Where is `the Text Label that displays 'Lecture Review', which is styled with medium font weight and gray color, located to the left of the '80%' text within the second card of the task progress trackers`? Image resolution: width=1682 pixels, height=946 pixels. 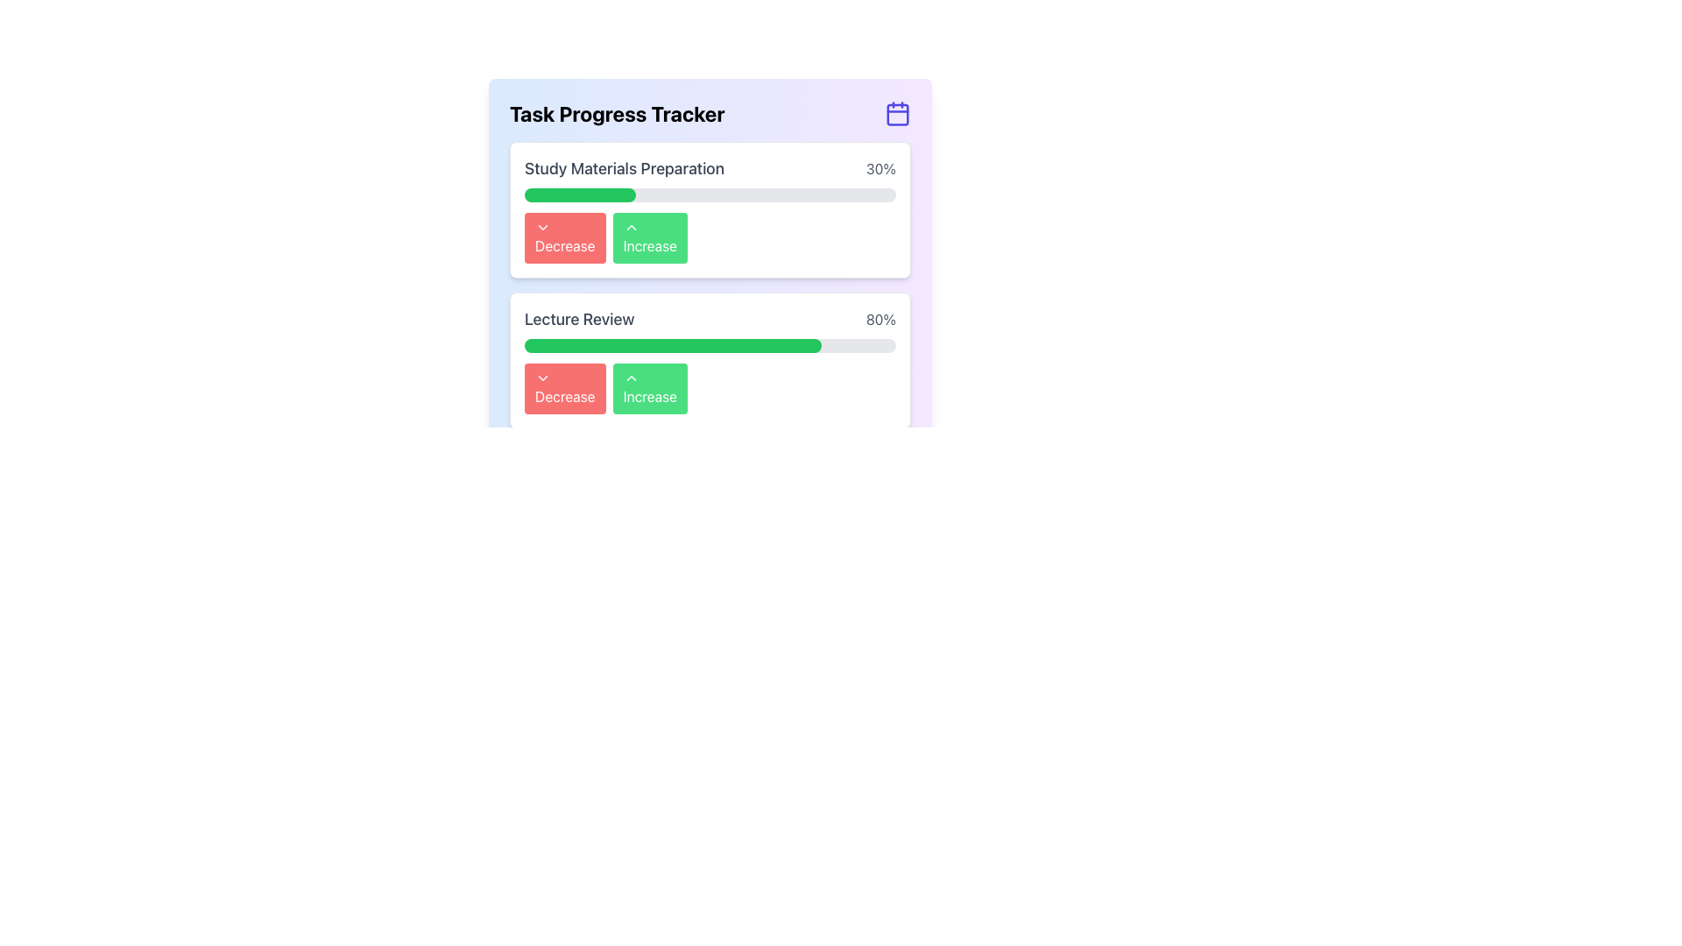 the Text Label that displays 'Lecture Review', which is styled with medium font weight and gray color, located to the left of the '80%' text within the second card of the task progress trackers is located at coordinates (579, 320).